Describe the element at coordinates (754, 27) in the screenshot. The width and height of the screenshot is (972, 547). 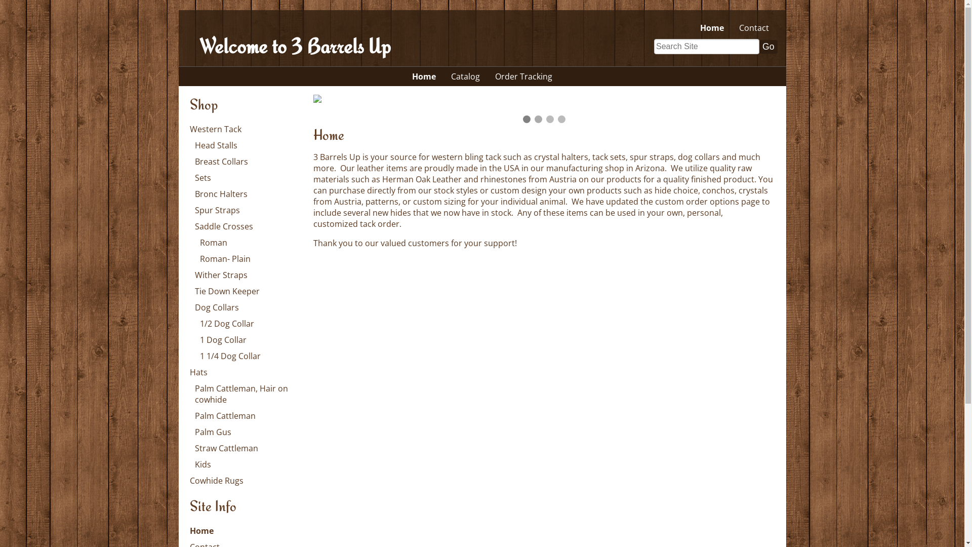
I see `'Contact'` at that location.